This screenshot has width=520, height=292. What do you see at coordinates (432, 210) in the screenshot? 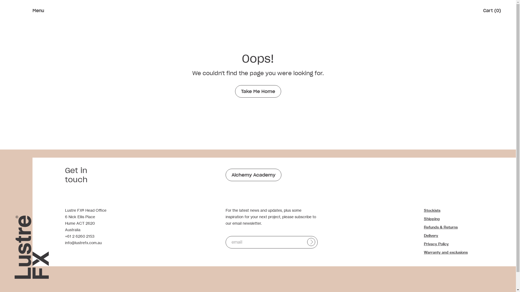
I see `'Stockists'` at bounding box center [432, 210].